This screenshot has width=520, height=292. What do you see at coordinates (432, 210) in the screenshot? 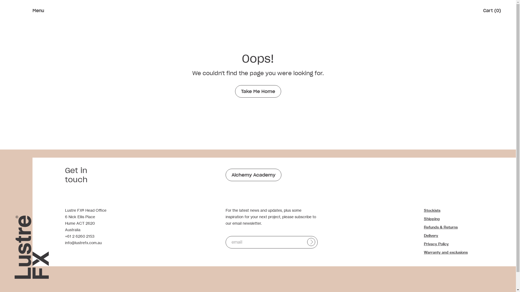
I see `'Stockists'` at bounding box center [432, 210].